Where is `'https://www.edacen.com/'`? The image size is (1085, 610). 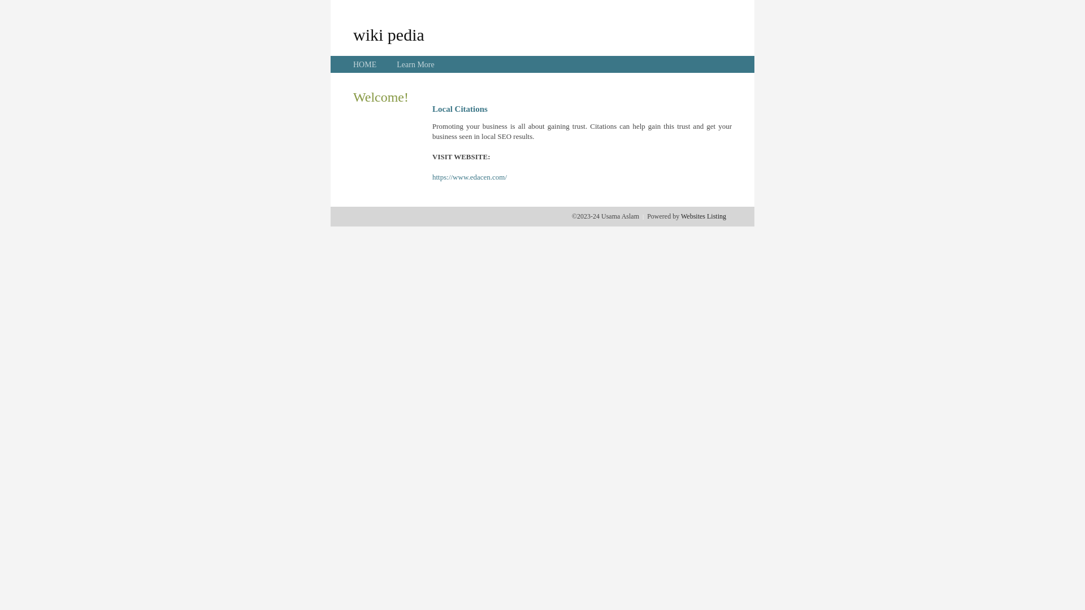 'https://www.edacen.com/' is located at coordinates (431, 177).